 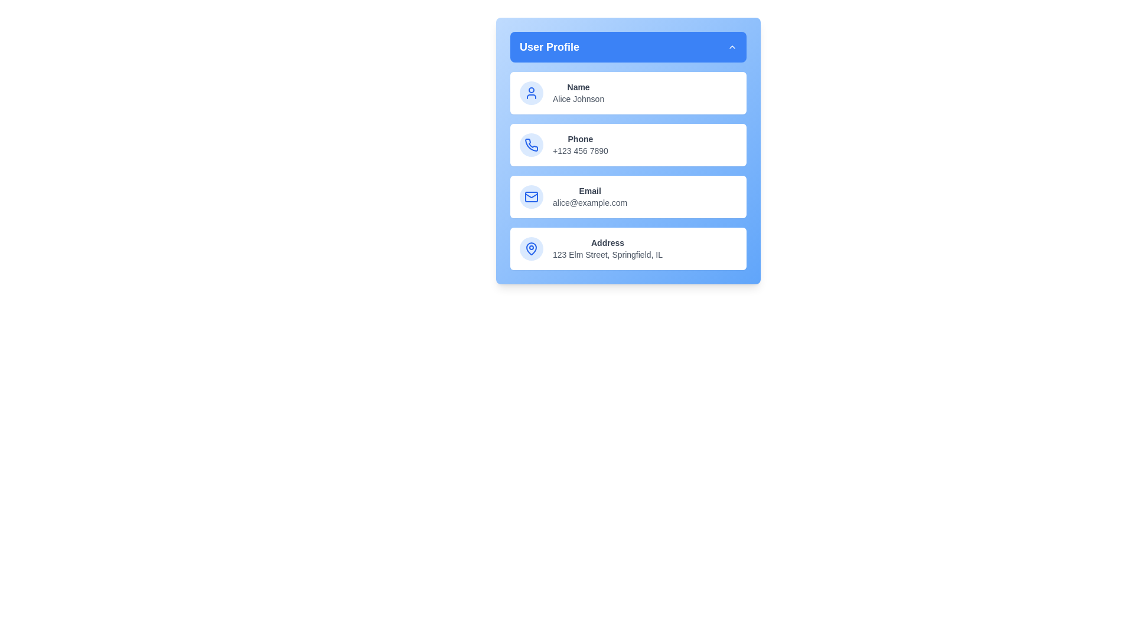 I want to click on the blue circular icon with a white location pin inside, located in the left section of the 'Address' row on the profile card layout, so click(x=531, y=248).